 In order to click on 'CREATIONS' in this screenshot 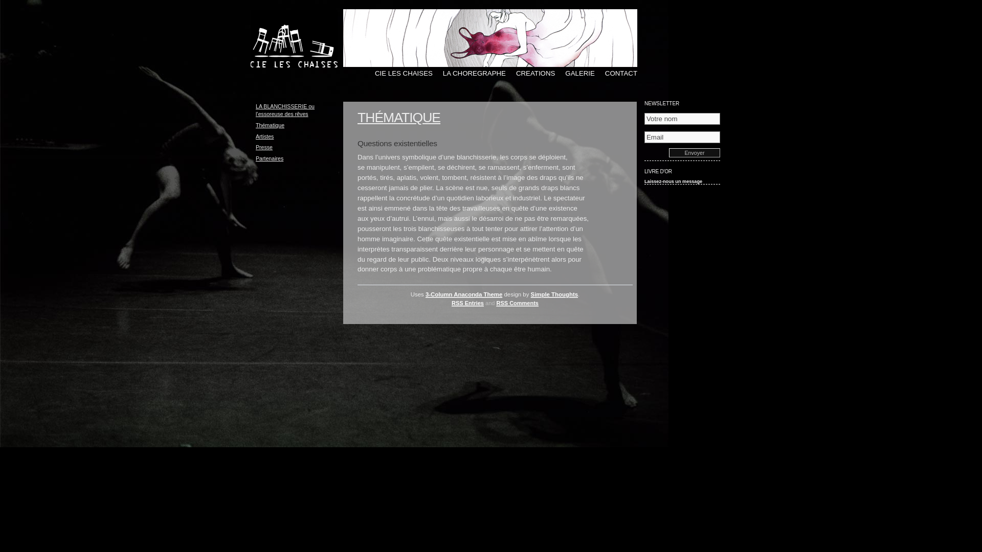, I will do `click(530, 73)`.